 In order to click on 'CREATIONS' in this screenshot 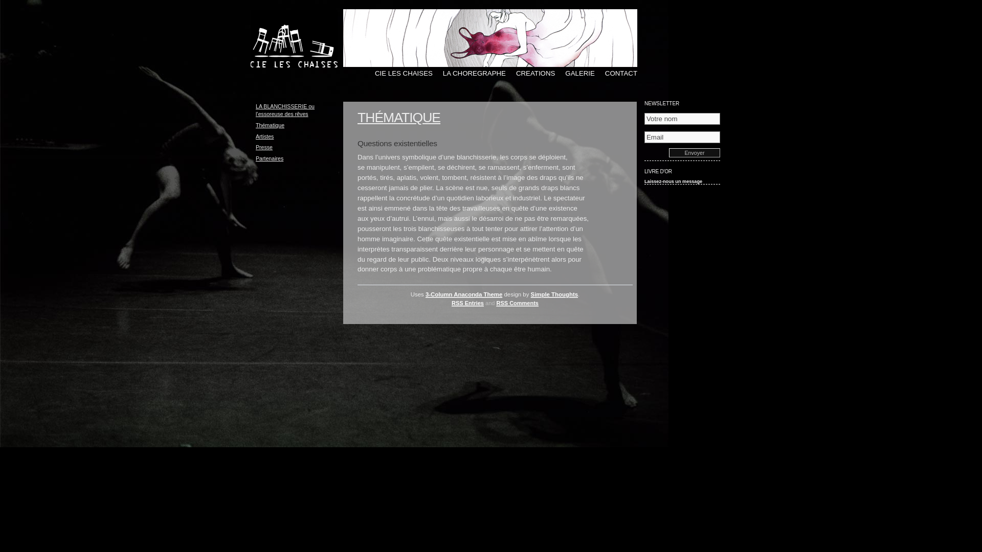, I will do `click(530, 73)`.